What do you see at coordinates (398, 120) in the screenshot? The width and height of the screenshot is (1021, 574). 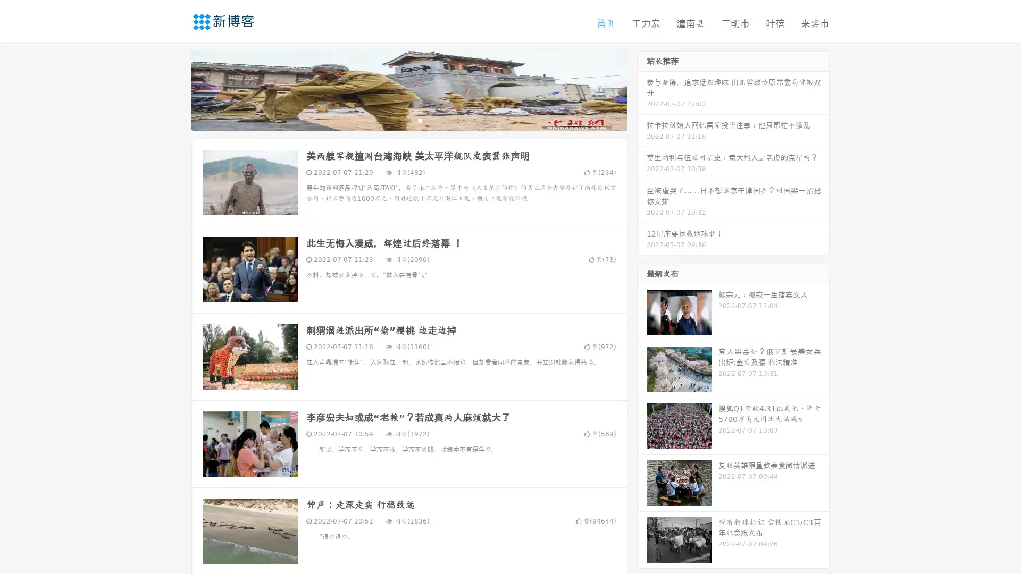 I see `Go to slide 1` at bounding box center [398, 120].